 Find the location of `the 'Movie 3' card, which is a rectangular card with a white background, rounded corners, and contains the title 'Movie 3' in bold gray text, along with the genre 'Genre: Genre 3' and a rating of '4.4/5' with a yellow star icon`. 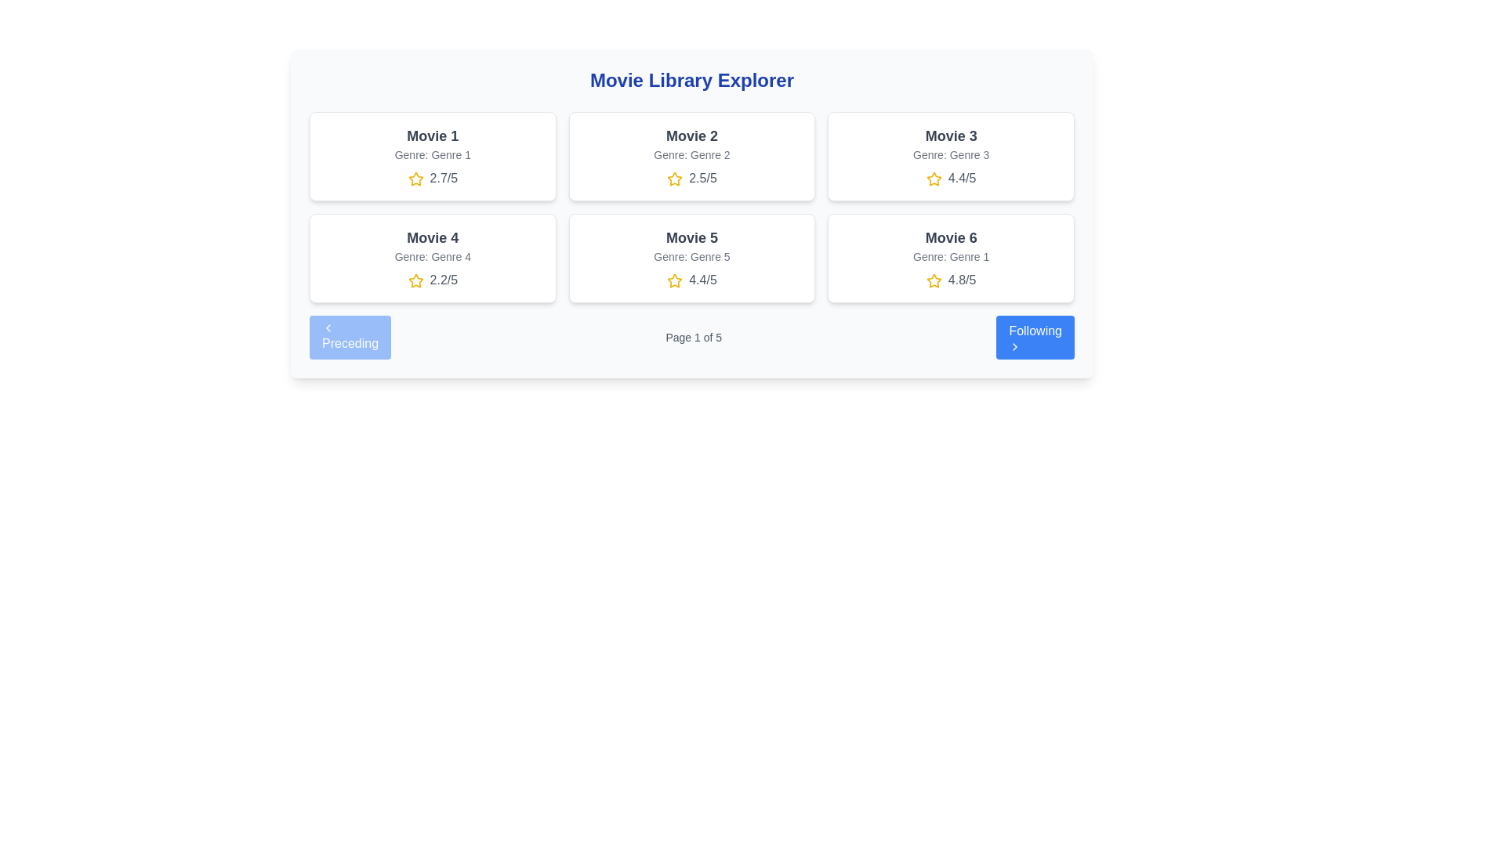

the 'Movie 3' card, which is a rectangular card with a white background, rounded corners, and contains the title 'Movie 3' in bold gray text, along with the genre 'Genre: Genre 3' and a rating of '4.4/5' with a yellow star icon is located at coordinates (950, 157).